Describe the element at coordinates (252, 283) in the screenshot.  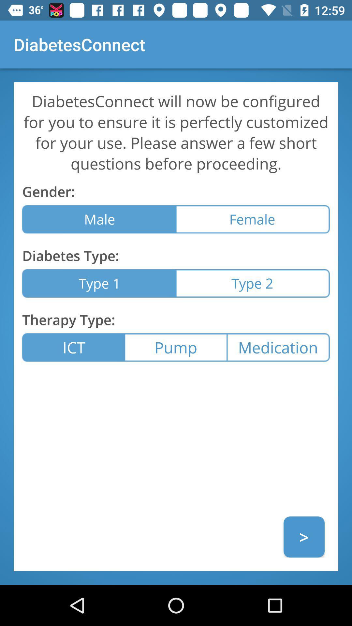
I see `icon to the right of type 1 icon` at that location.